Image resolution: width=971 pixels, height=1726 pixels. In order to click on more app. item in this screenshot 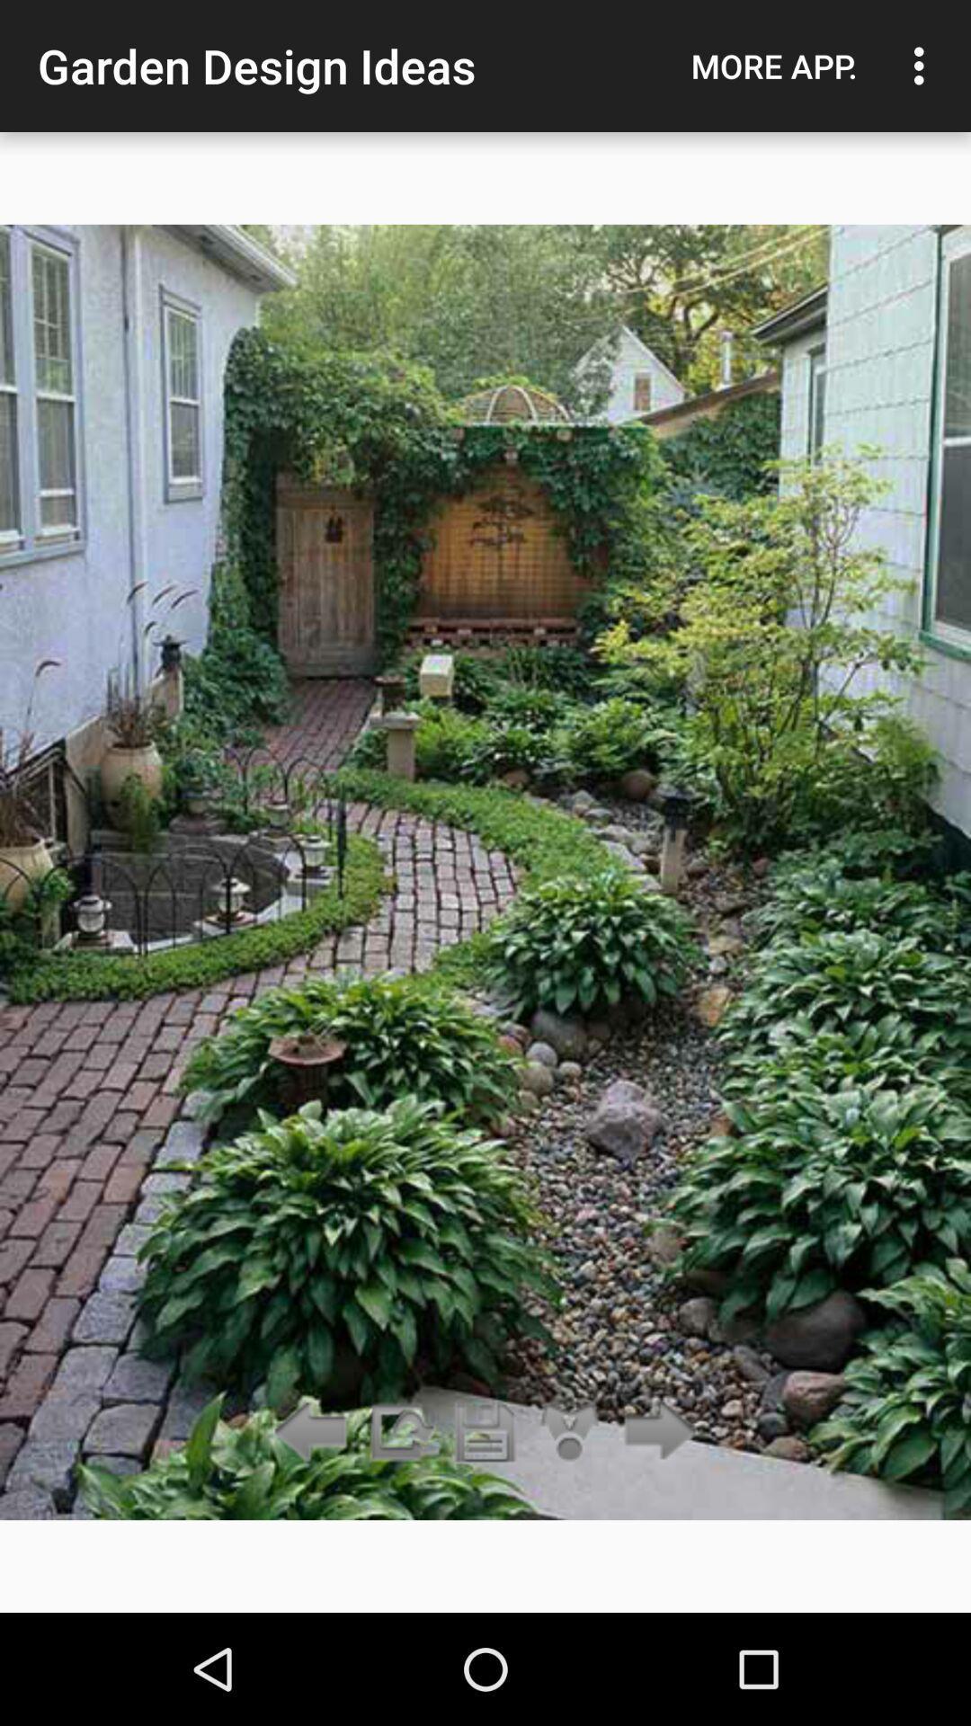, I will do `click(773, 66)`.